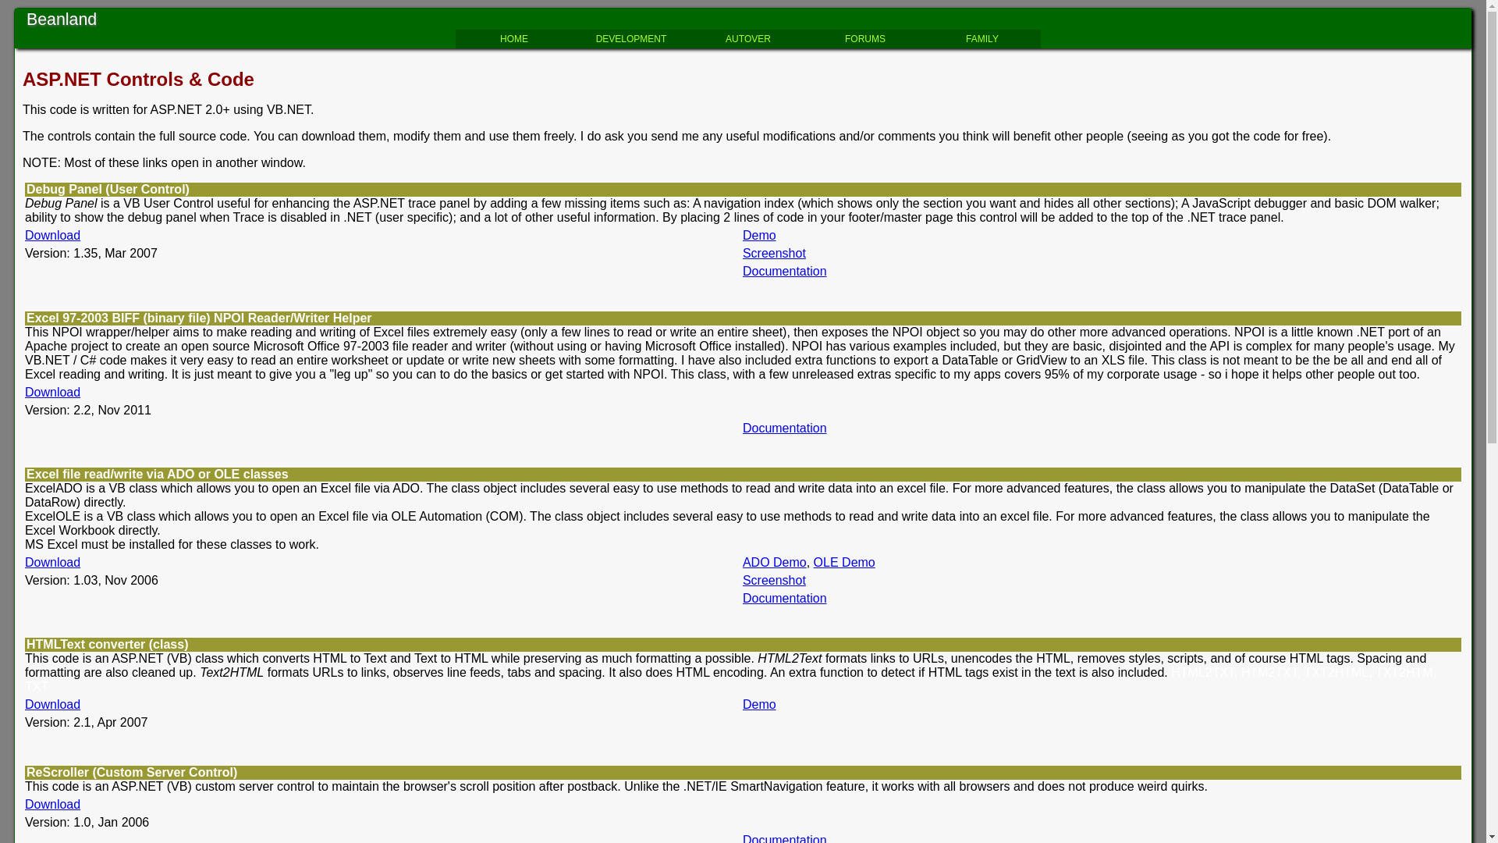 The width and height of the screenshot is (1498, 843). I want to click on 'Download', so click(52, 235).